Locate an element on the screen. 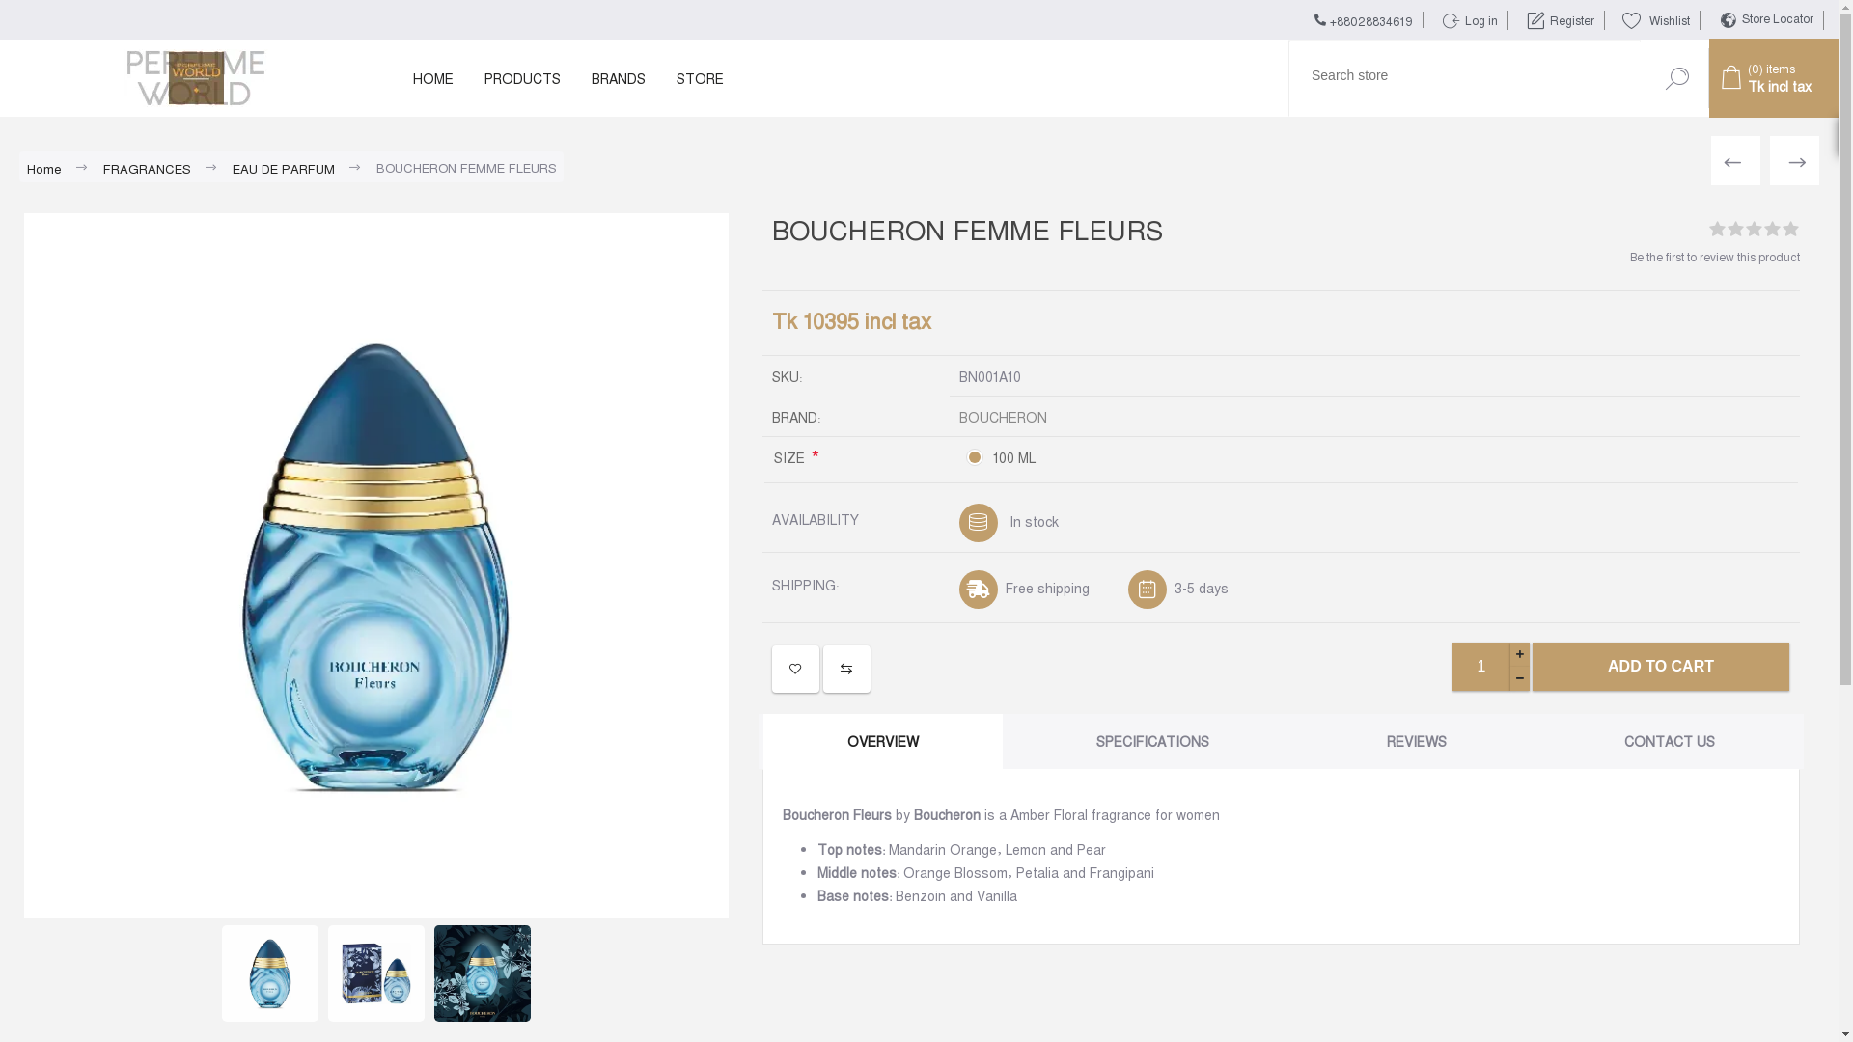 The width and height of the screenshot is (1853, 1042). 'Search' is located at coordinates (1680, 73).